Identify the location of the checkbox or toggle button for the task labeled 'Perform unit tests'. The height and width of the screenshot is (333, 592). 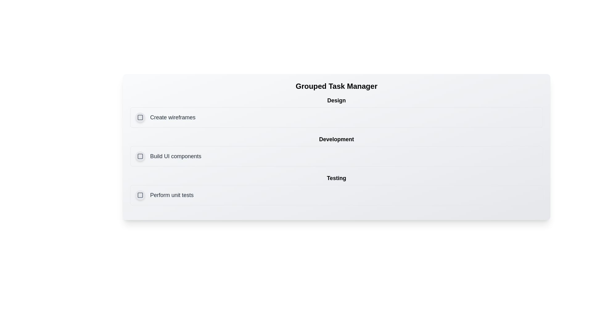
(140, 195).